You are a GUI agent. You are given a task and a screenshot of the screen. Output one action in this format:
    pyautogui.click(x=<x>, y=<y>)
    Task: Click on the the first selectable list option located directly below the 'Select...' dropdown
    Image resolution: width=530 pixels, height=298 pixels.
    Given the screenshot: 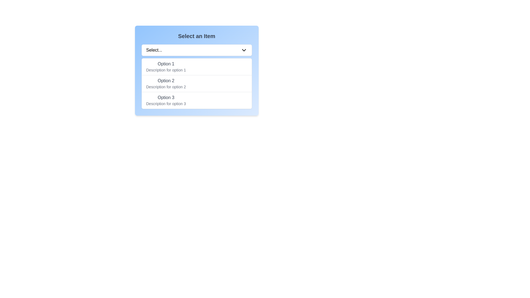 What is the action you would take?
    pyautogui.click(x=197, y=66)
    